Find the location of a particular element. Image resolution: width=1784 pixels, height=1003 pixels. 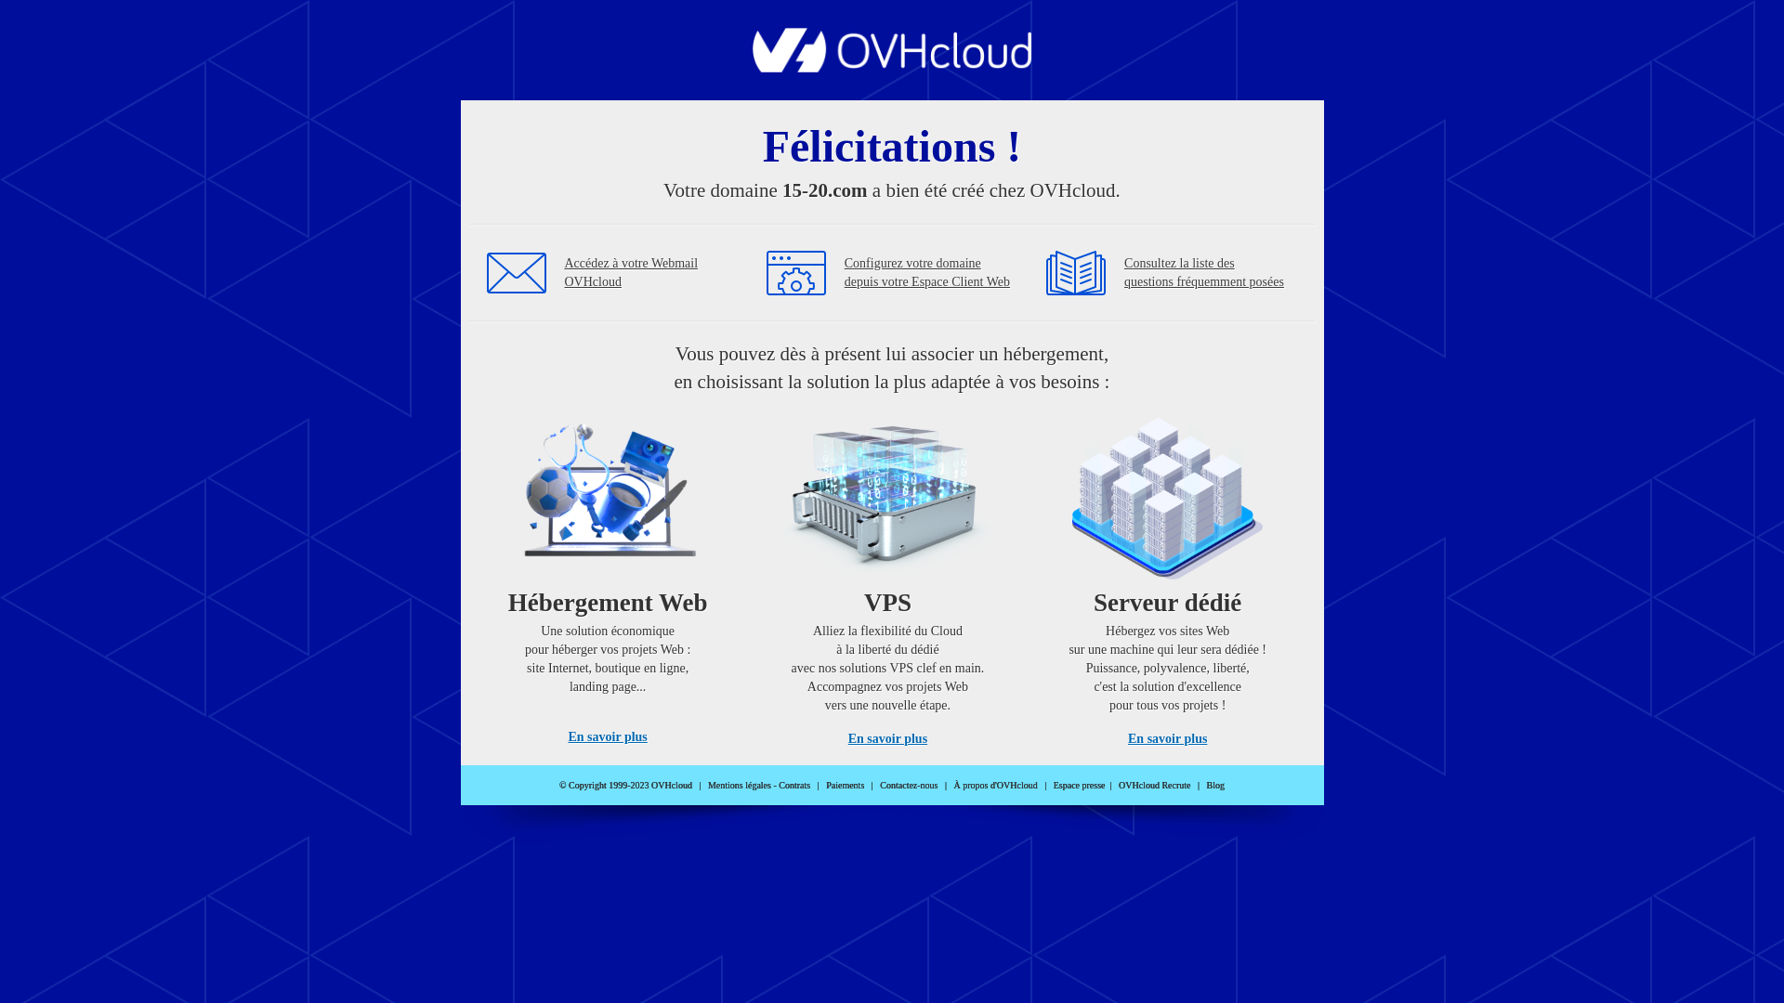

'Blog' is located at coordinates (1215, 785).